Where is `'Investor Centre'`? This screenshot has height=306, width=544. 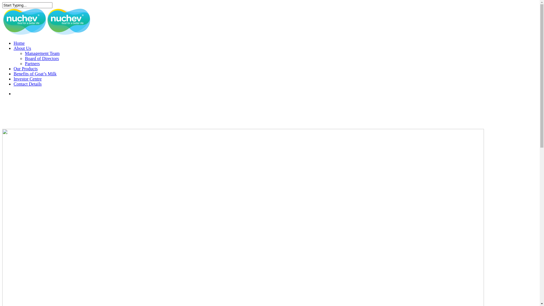
'Investor Centre' is located at coordinates (27, 79).